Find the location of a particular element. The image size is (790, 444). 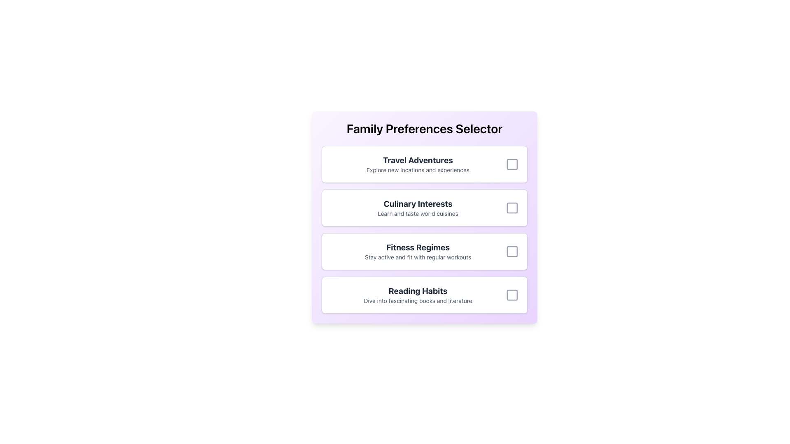

the checkbox for 'Culinary Interests' to enable keyboard interaction is located at coordinates (511, 207).